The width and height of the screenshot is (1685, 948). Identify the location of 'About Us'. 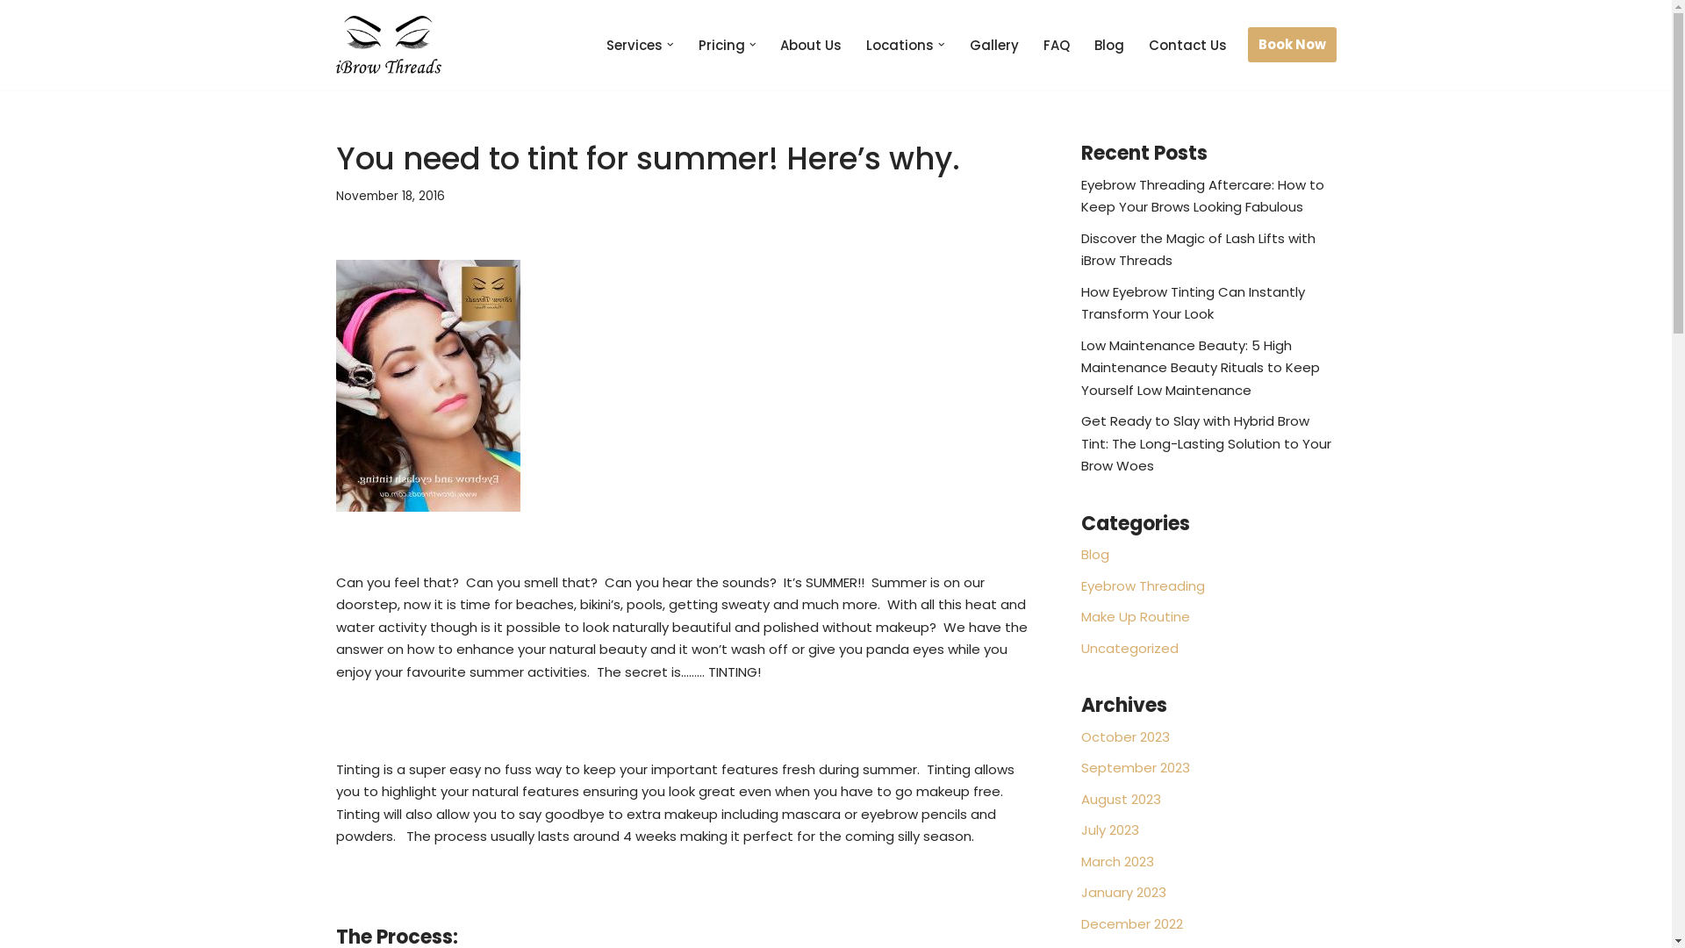
(778, 44).